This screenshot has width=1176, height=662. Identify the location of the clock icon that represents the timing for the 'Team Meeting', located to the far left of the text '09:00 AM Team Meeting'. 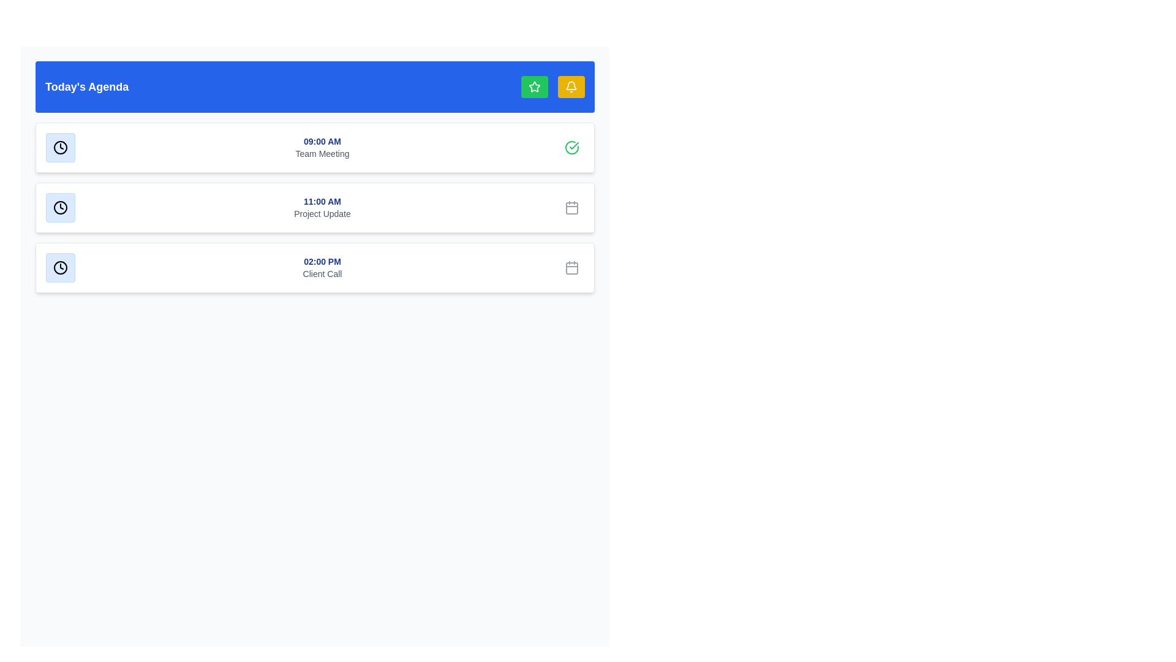
(60, 146).